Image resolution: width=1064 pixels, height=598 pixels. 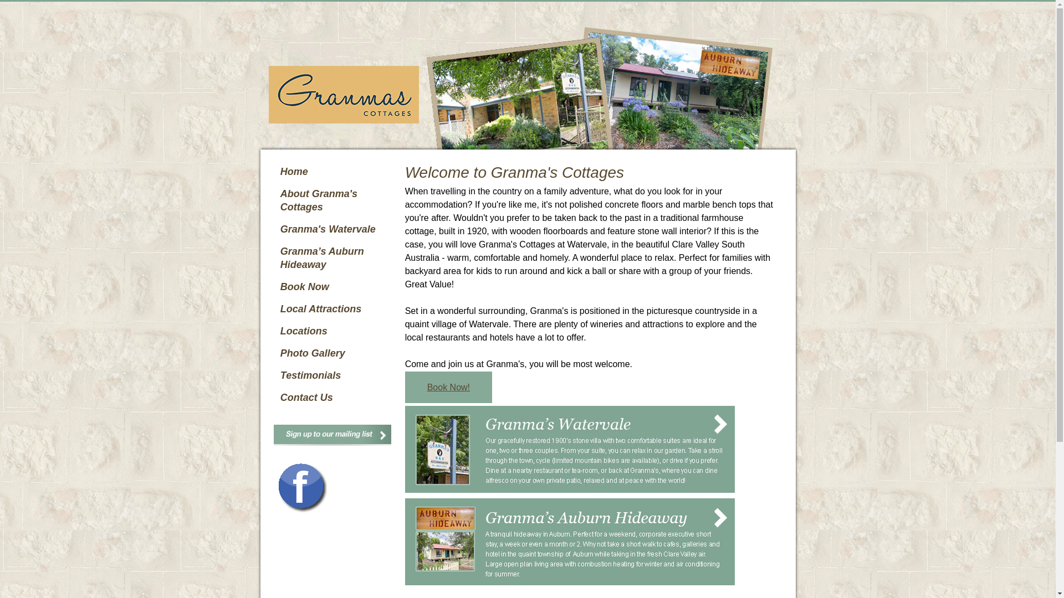 I want to click on 'Book Now', so click(x=334, y=286).